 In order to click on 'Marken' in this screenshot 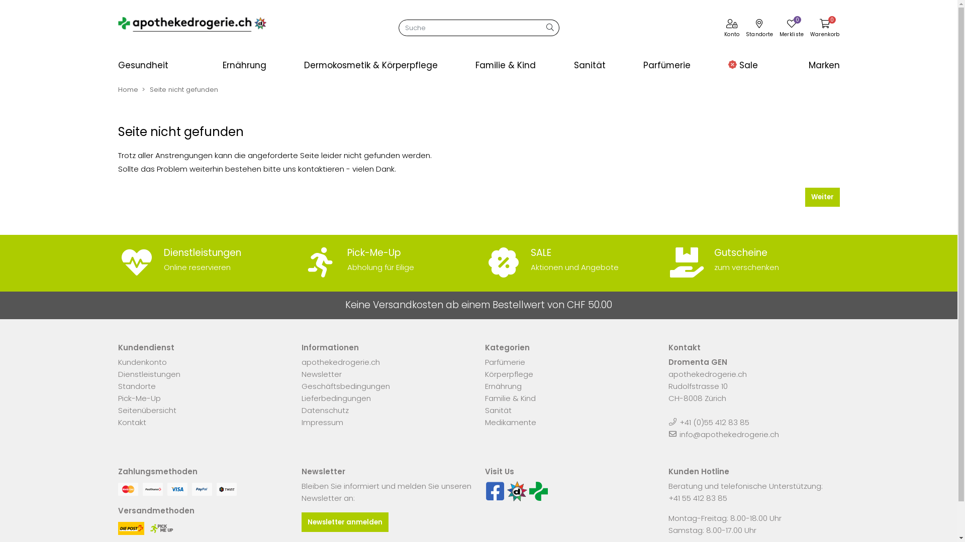, I will do `click(807, 65)`.